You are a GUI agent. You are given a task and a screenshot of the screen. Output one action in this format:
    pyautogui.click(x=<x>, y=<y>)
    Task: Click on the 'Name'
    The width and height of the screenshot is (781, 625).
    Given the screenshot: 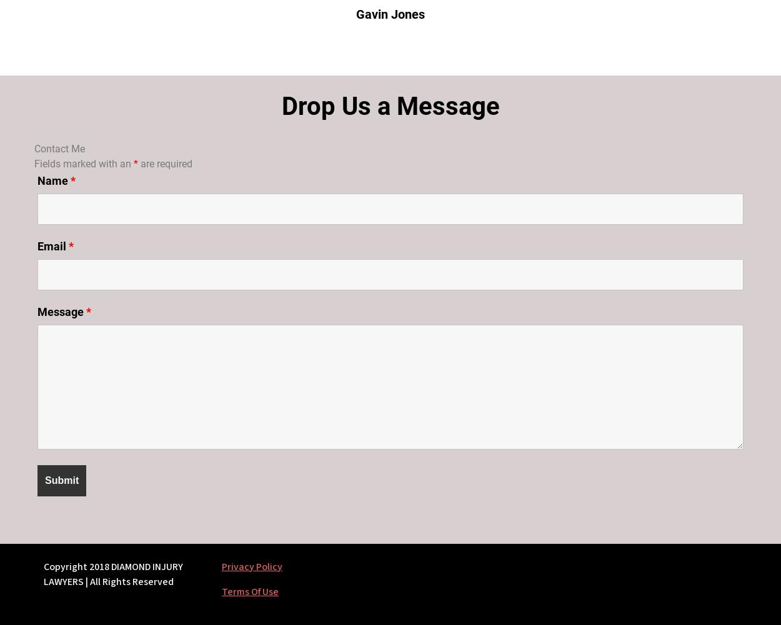 What is the action you would take?
    pyautogui.click(x=37, y=180)
    